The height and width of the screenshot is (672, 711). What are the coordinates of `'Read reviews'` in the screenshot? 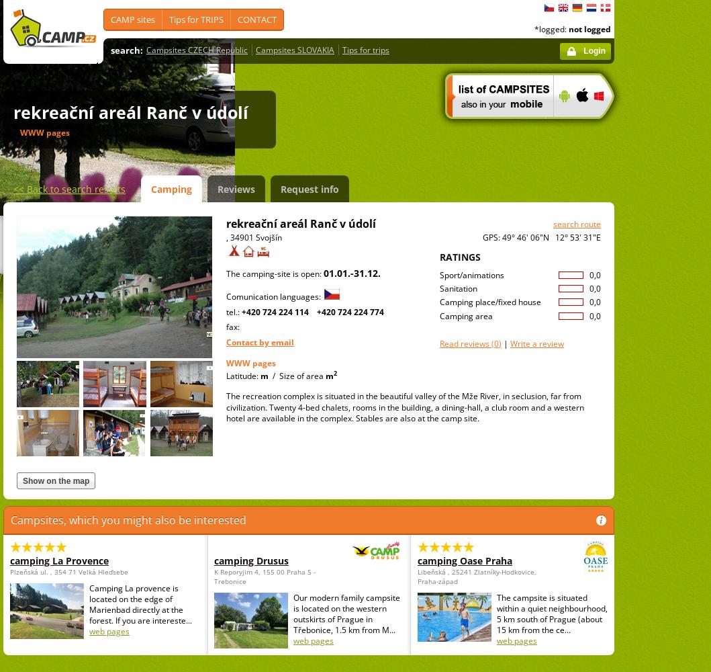 It's located at (464, 343).